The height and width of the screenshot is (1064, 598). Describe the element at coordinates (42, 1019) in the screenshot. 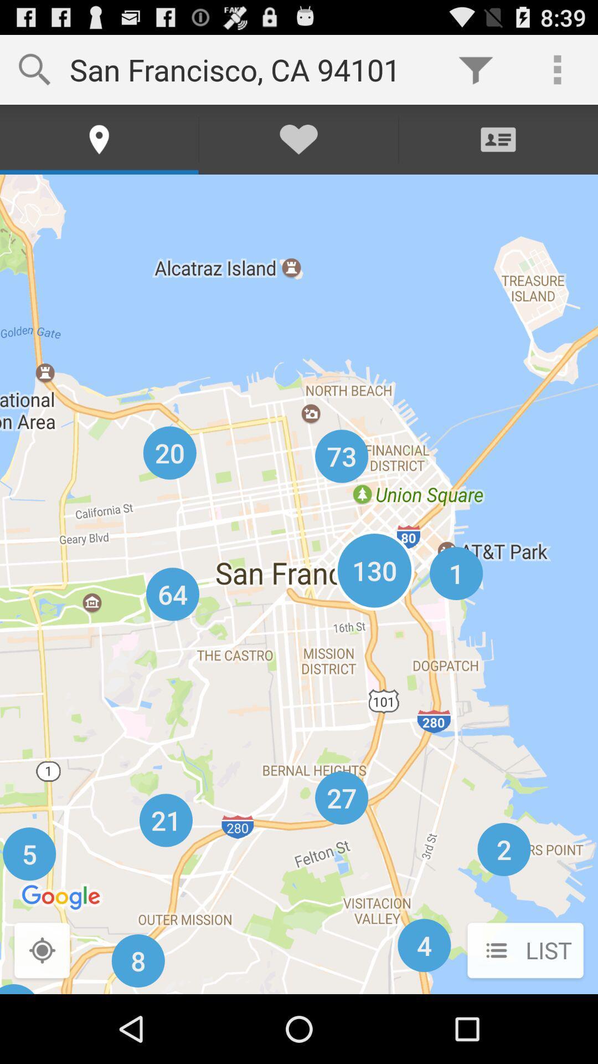

I see `the location_crosshair icon` at that location.